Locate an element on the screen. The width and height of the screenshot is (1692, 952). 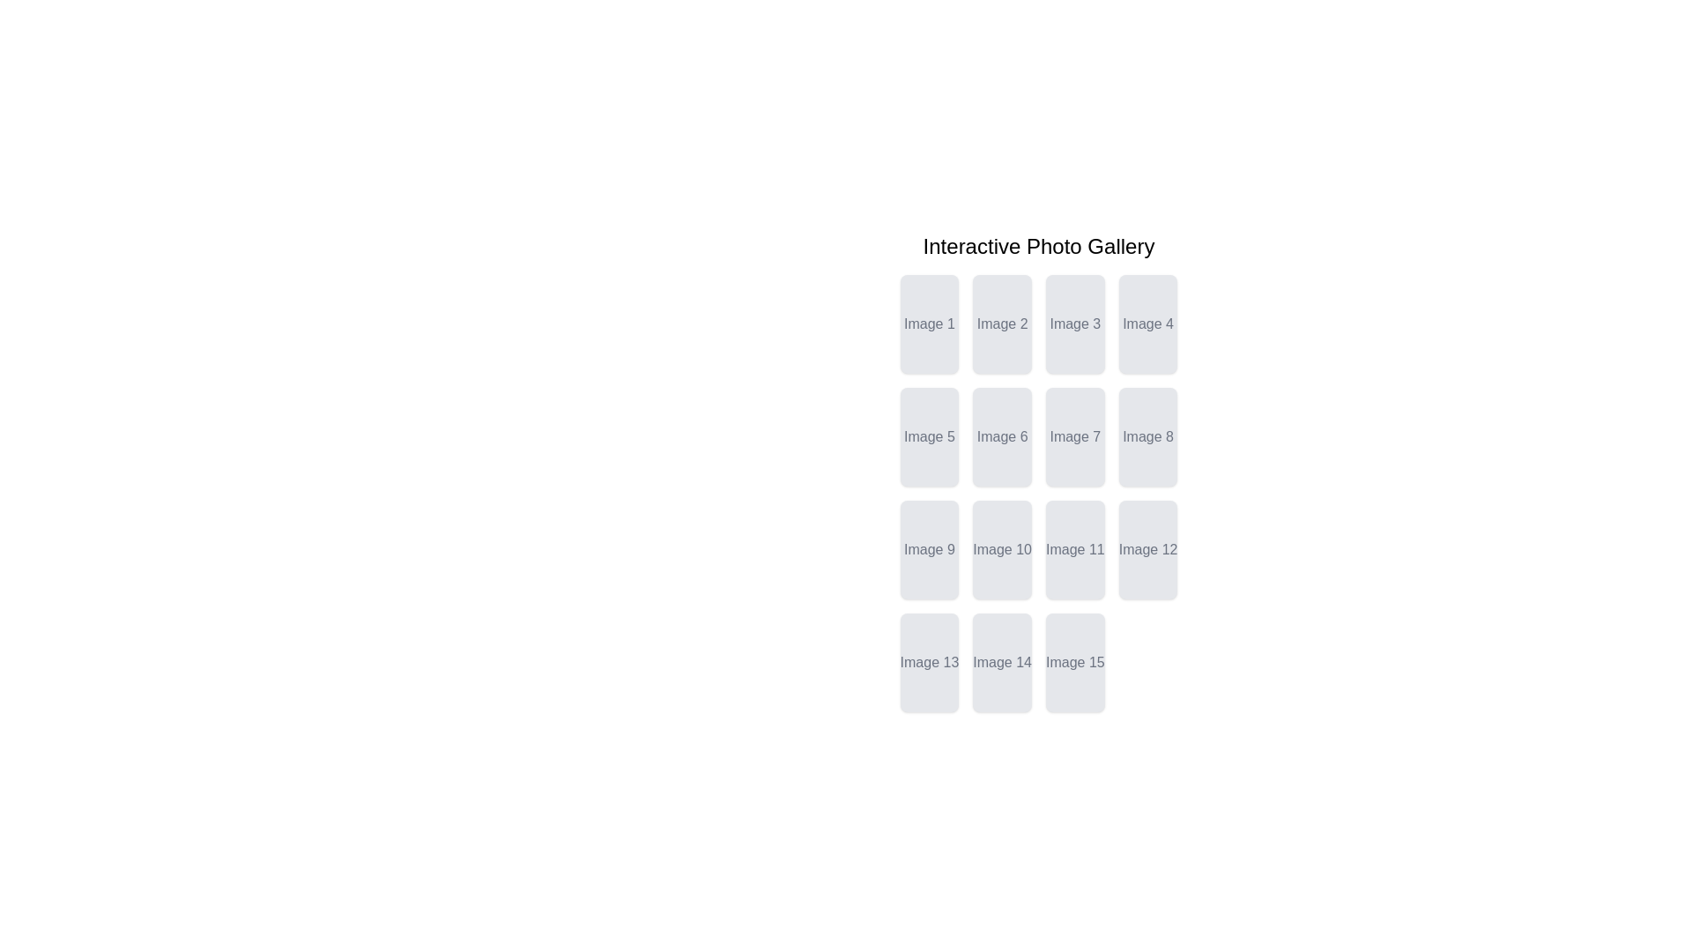
the rectangular card component containing the text 'Image 12', which has a light gray background and dark gray centered text, located in the last column of the third row of the grid is located at coordinates (1148, 549).